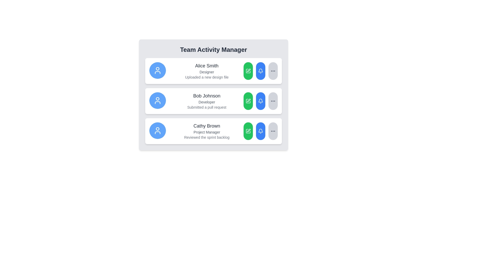 This screenshot has height=280, width=497. I want to click on the activity log text block for user 'Bob Johnson', which summarizes their role as 'Developer' and recent activity as 'Submitted a pull request', so click(206, 101).